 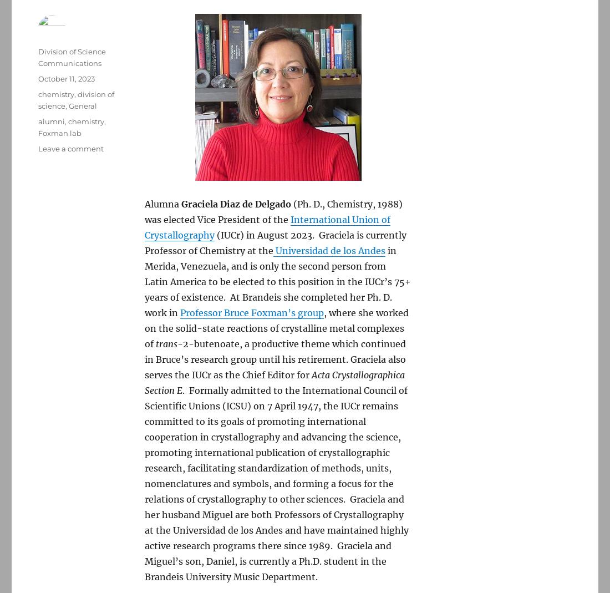 What do you see at coordinates (180, 313) in the screenshot?
I see `'Professor Bruce Foxman’s group'` at bounding box center [180, 313].